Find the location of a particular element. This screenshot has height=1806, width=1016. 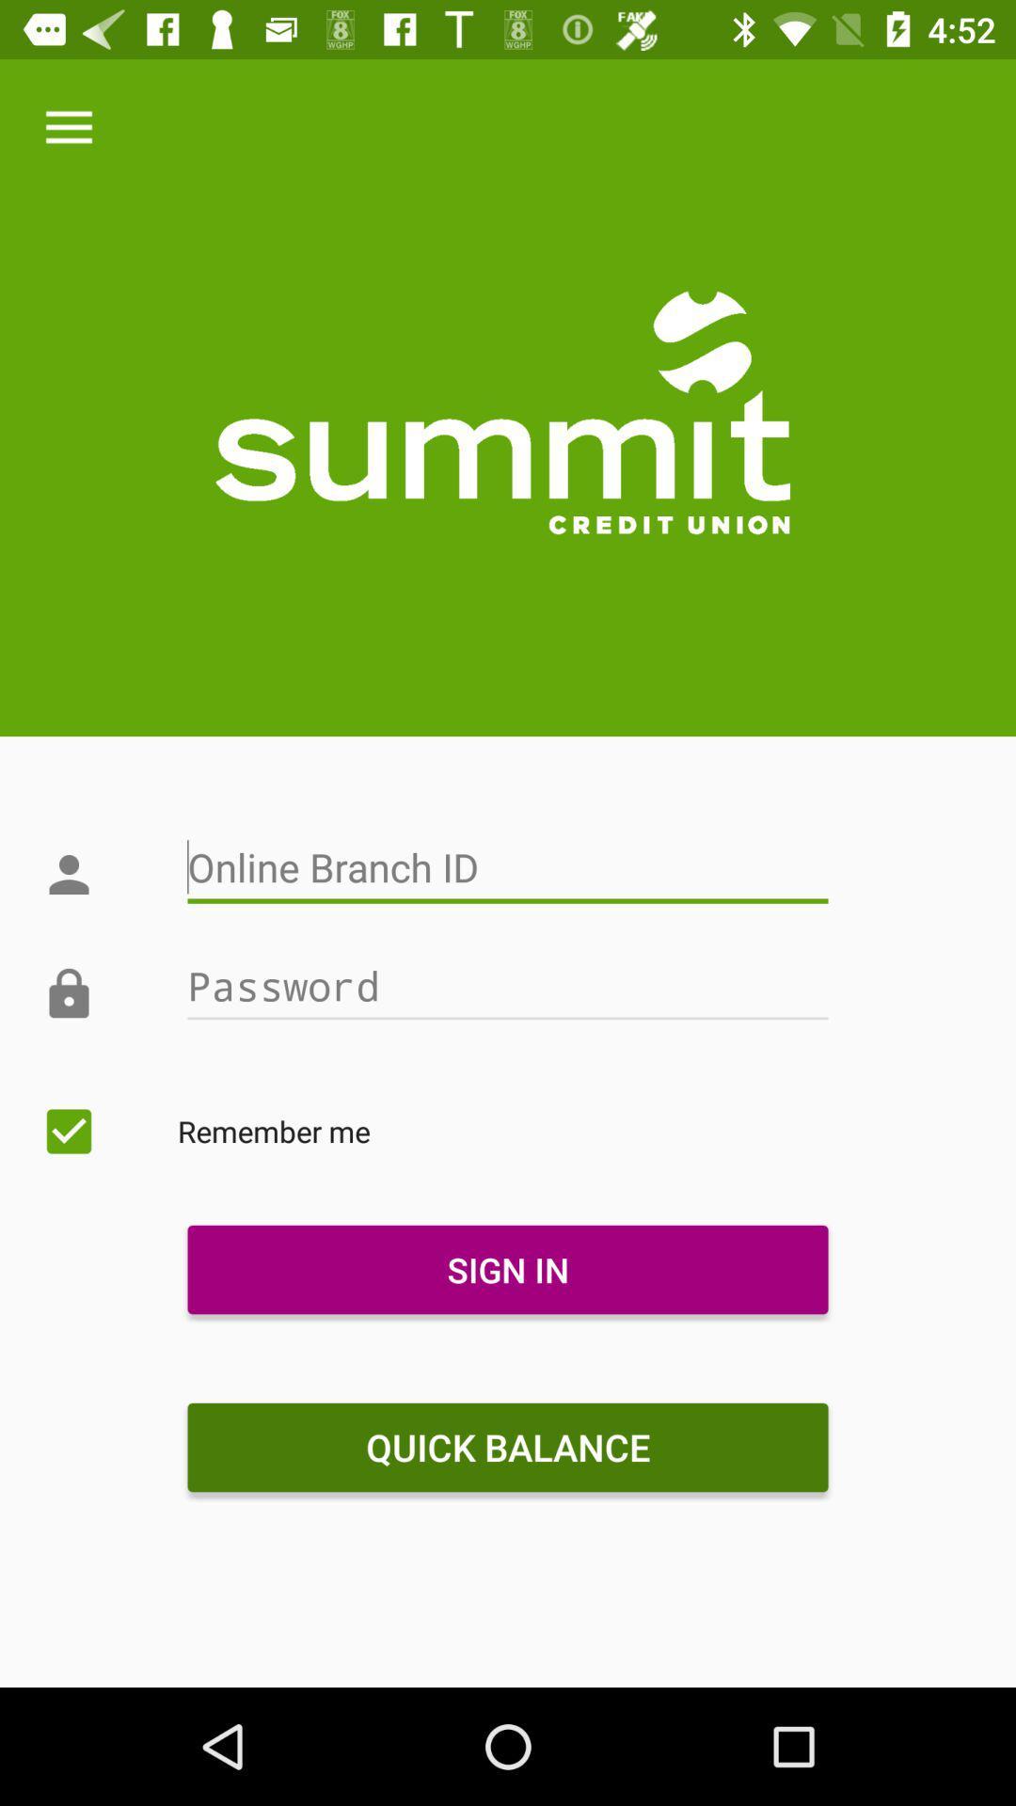

item below the sign in icon is located at coordinates (508, 1447).